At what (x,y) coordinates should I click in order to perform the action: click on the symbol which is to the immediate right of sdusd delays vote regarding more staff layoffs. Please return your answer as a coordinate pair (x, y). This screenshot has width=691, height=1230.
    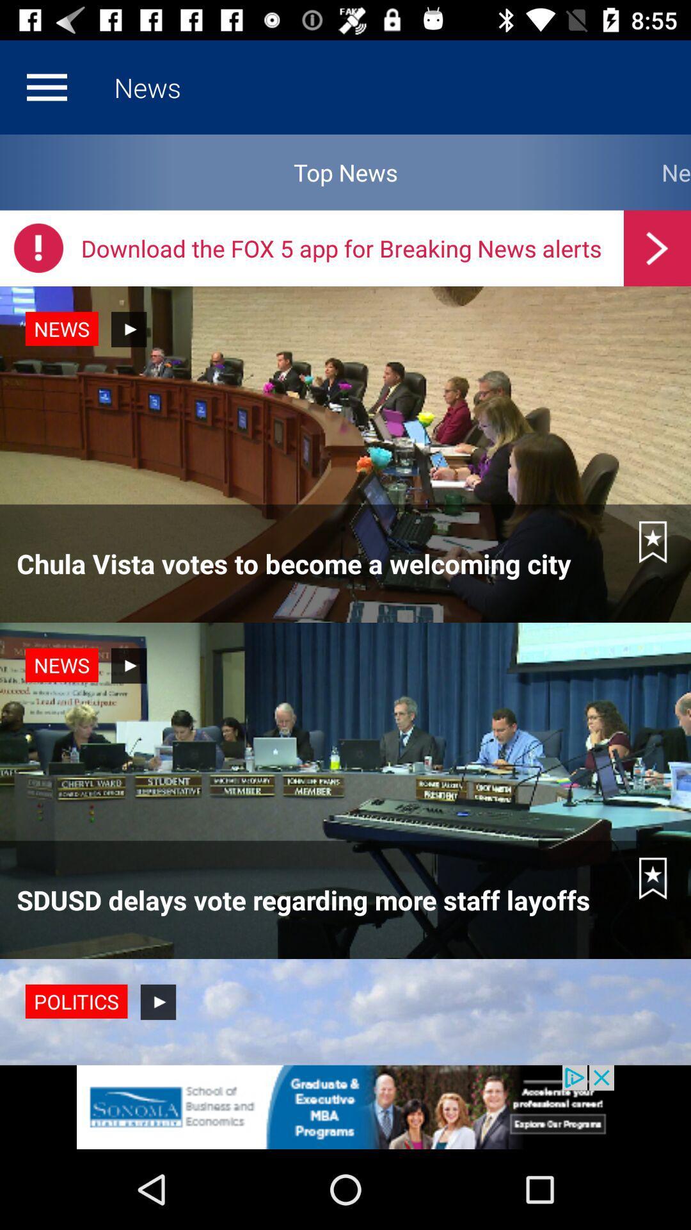
    Looking at the image, I should click on (653, 878).